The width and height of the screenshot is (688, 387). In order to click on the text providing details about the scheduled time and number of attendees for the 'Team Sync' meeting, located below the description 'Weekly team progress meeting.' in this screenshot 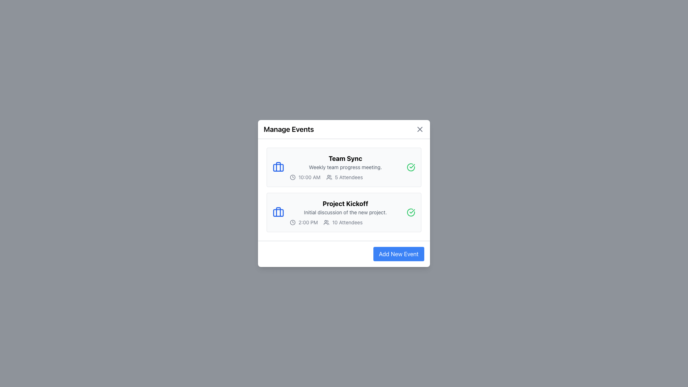, I will do `click(345, 177)`.